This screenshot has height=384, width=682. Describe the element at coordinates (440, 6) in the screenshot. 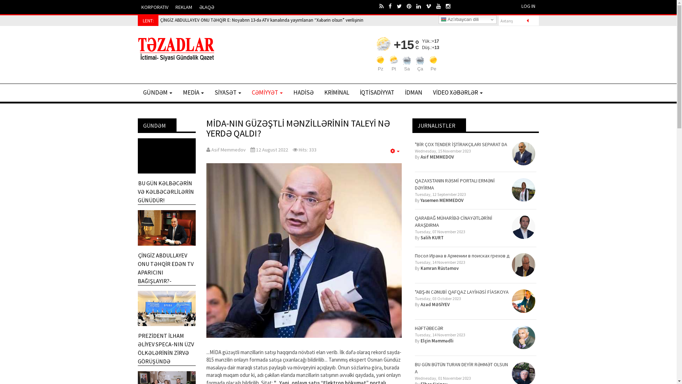

I see `' '` at that location.